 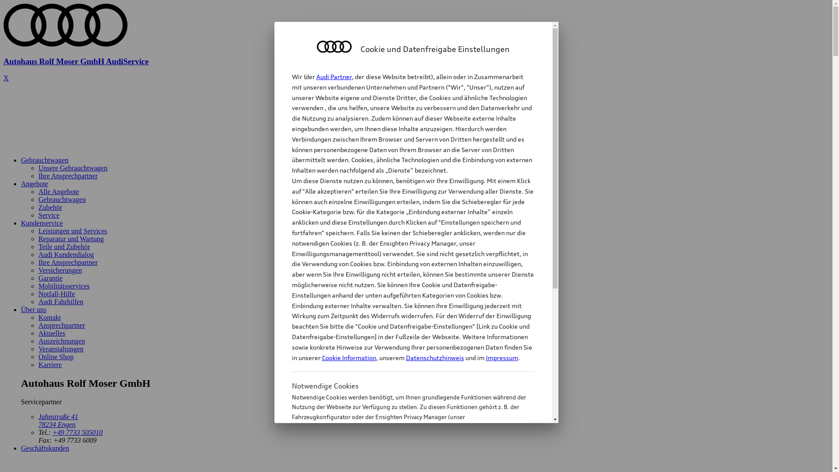 I want to click on 'Ihre Ansprechpartner', so click(x=68, y=262).